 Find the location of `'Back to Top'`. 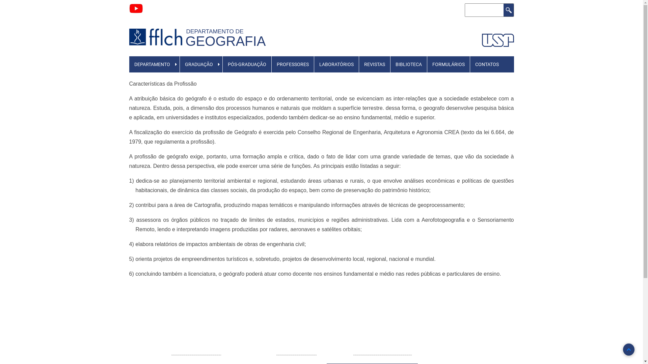

'Back to Top' is located at coordinates (628, 349).